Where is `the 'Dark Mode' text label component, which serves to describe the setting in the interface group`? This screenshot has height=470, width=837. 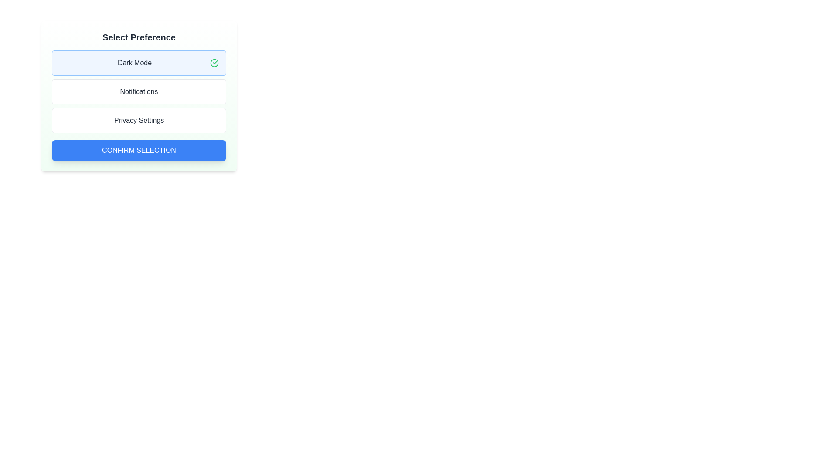
the 'Dark Mode' text label component, which serves to describe the setting in the interface group is located at coordinates (134, 63).